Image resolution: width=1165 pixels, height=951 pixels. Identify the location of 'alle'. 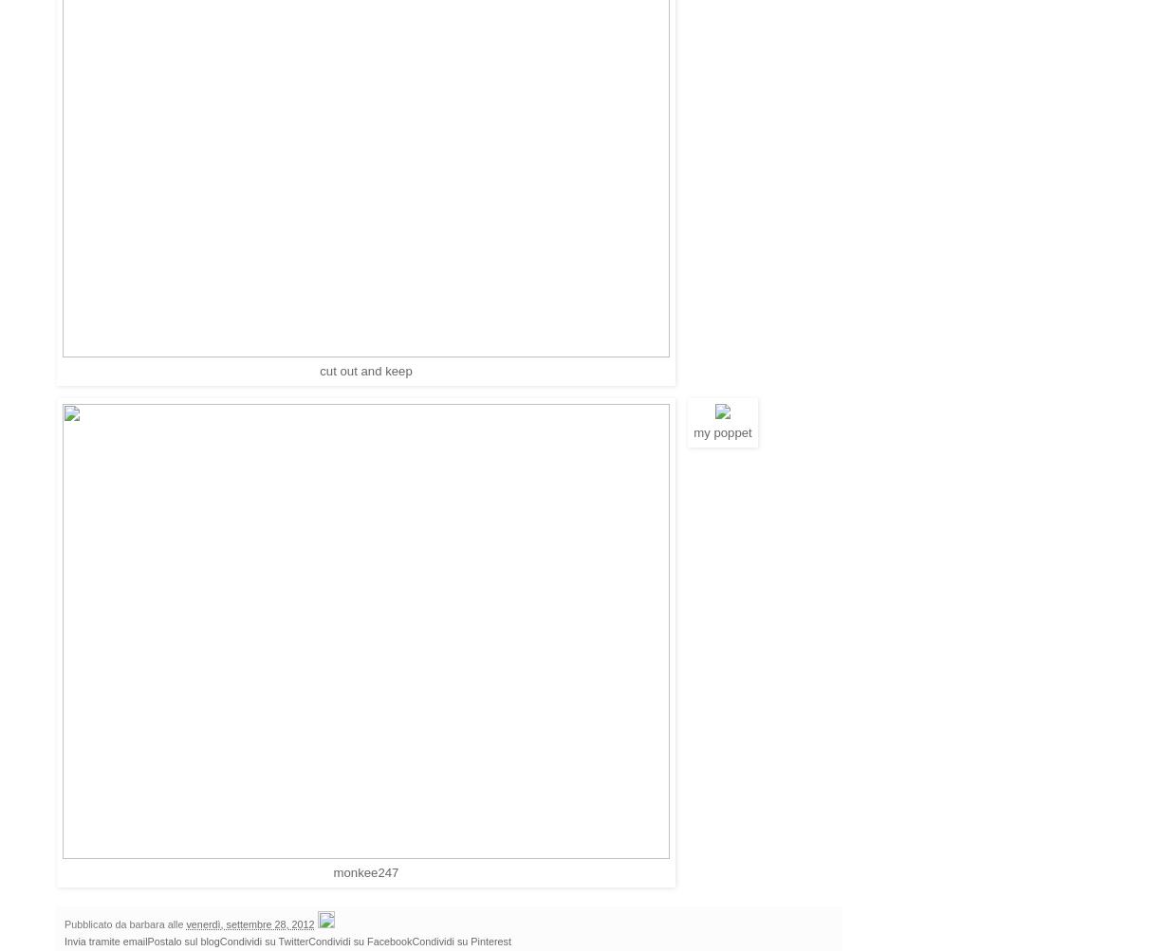
(176, 924).